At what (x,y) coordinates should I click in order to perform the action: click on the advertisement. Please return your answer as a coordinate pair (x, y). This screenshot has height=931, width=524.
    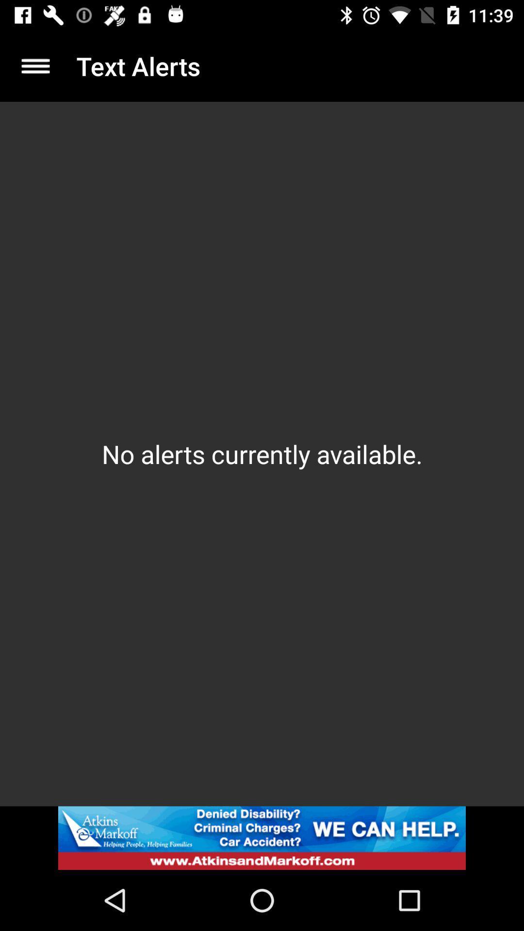
    Looking at the image, I should click on (262, 837).